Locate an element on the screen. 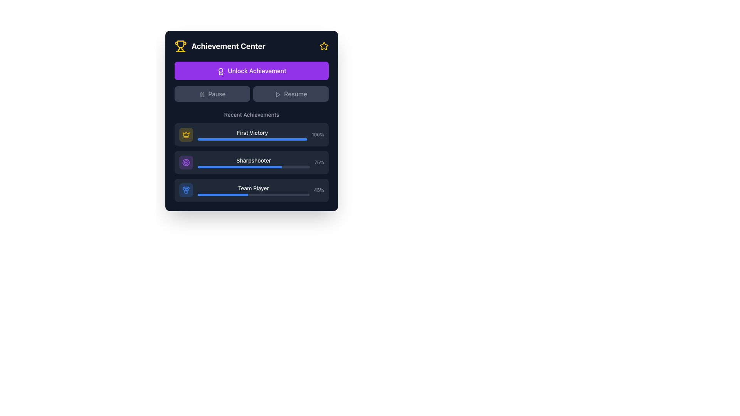 This screenshot has width=740, height=416. the pause button located directly beneath the purple 'Unlock Achievement' button is located at coordinates (212, 93).